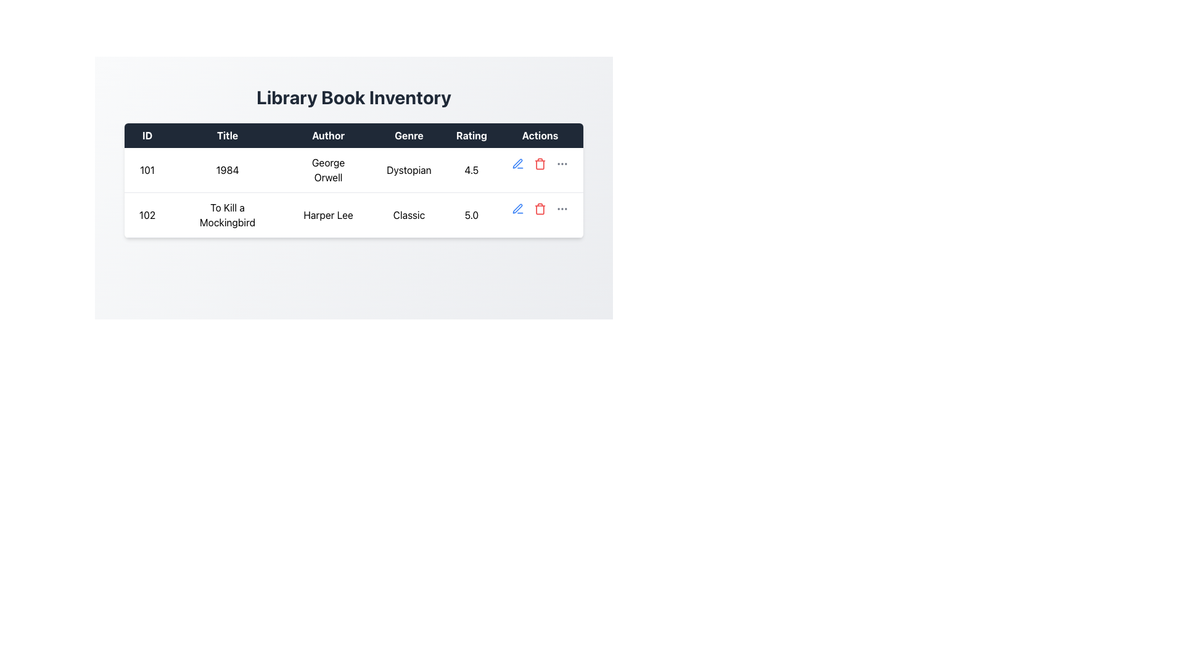 This screenshot has height=666, width=1184. What do you see at coordinates (562, 162) in the screenshot?
I see `the ellipsis icon button located in the last row of the table under the 'Actions' column, which consists of three dots arranged horizontally` at bounding box center [562, 162].